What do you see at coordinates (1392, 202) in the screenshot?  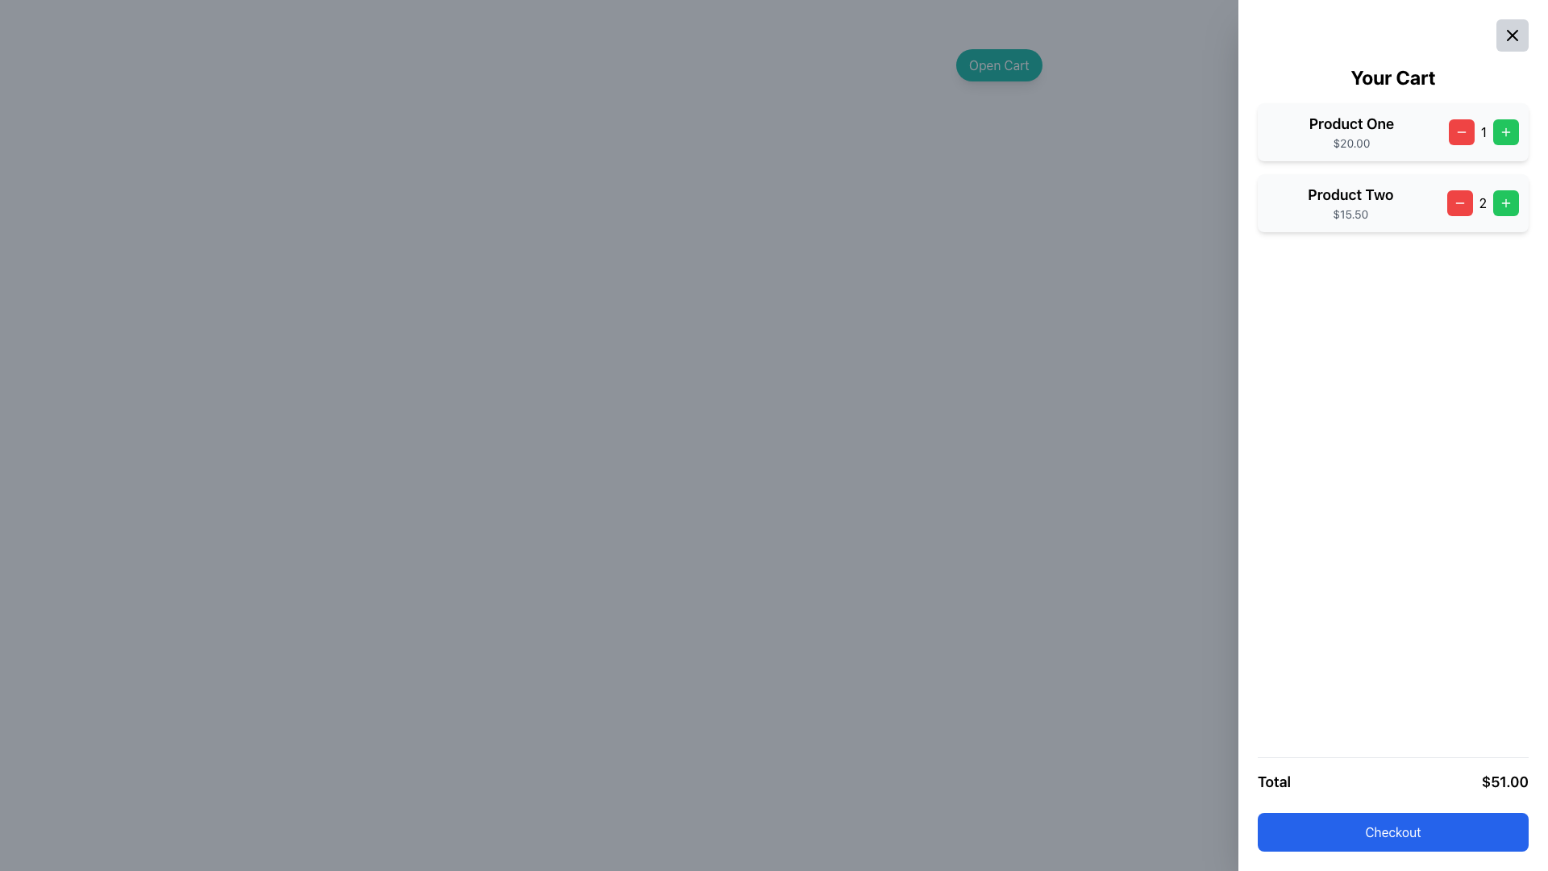 I see `product details from the Cart Item Display located in the second row of the shopping cart, directly below 'Product One'` at bounding box center [1392, 202].